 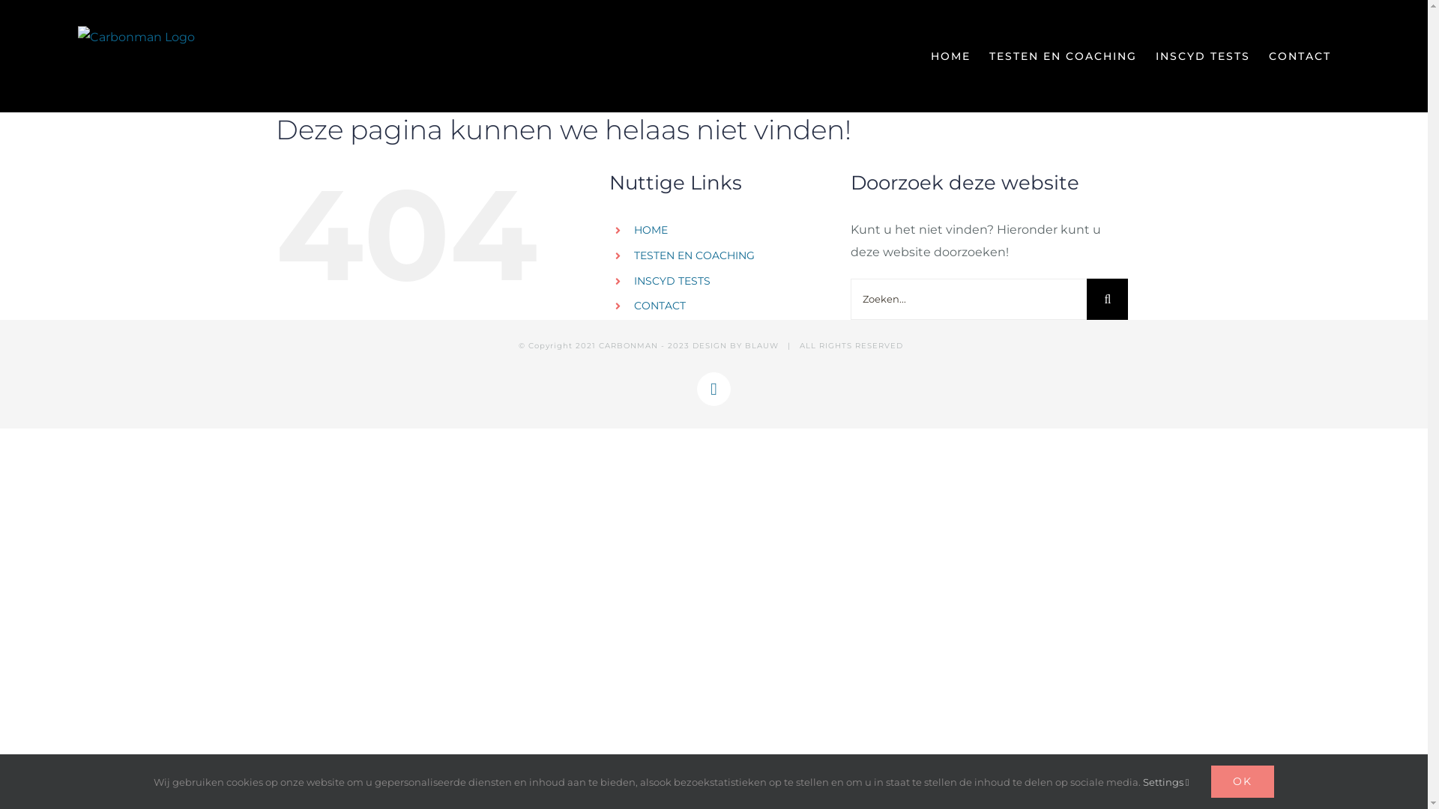 What do you see at coordinates (1154, 55) in the screenshot?
I see `'INSCYD TESTS'` at bounding box center [1154, 55].